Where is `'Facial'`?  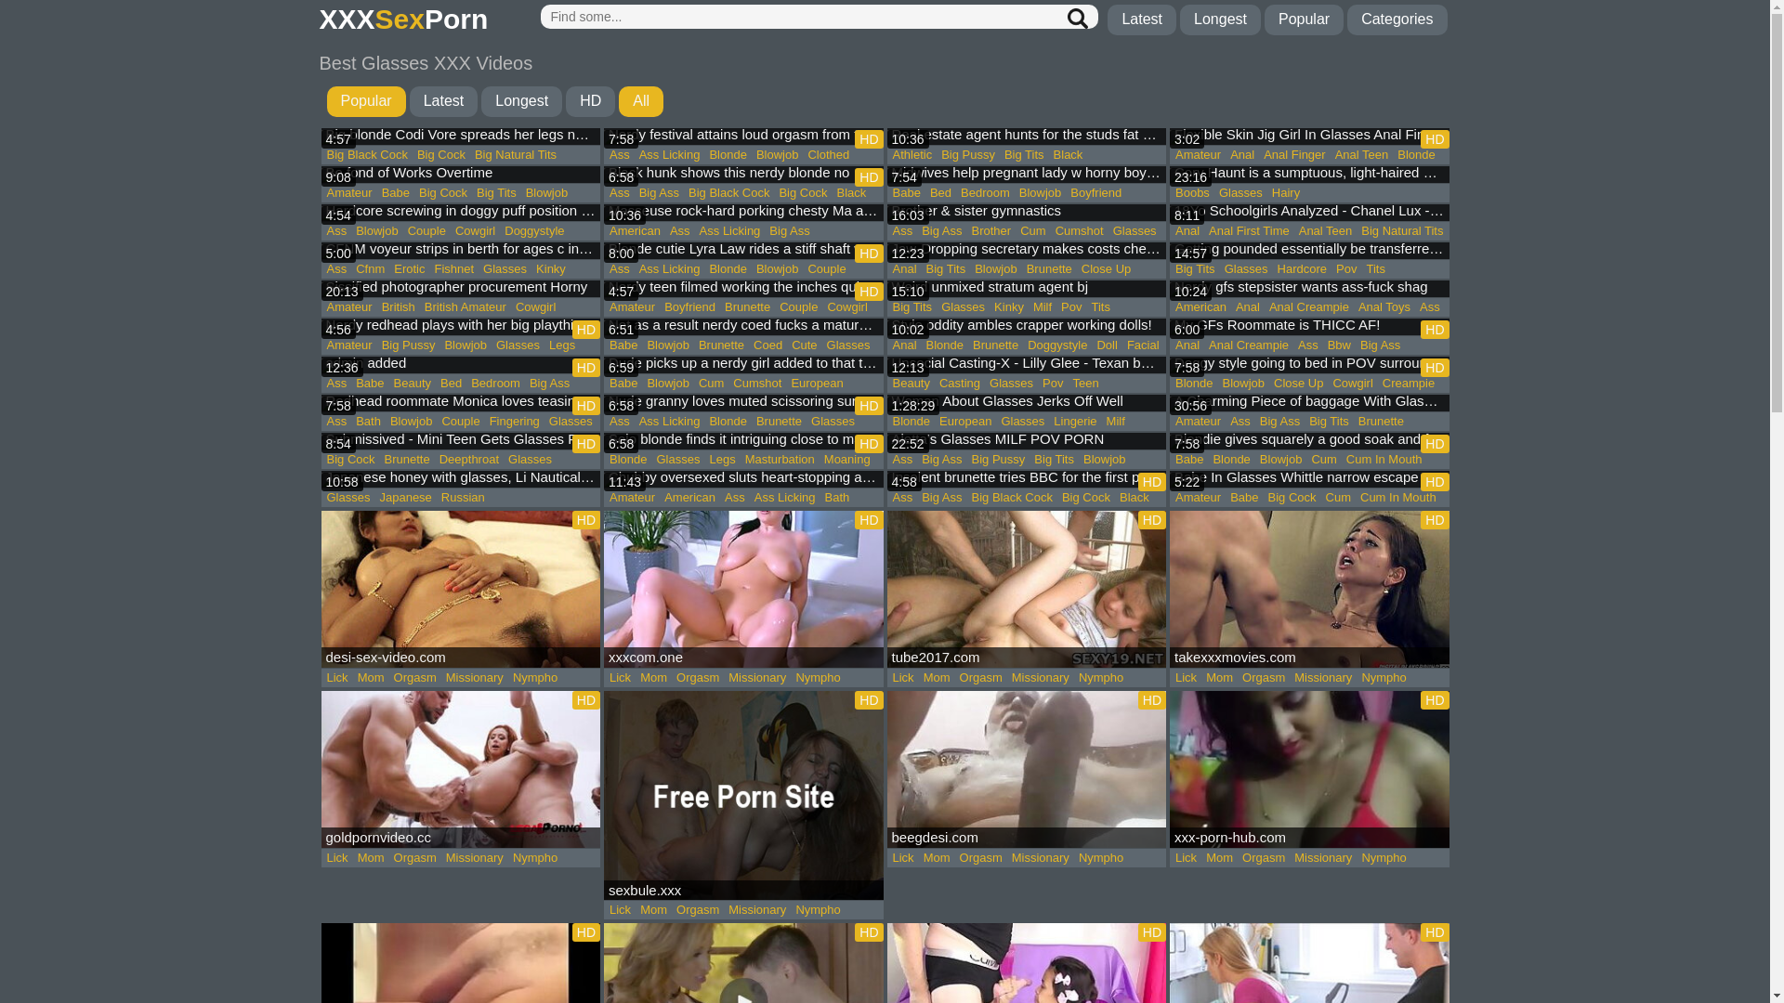
'Facial' is located at coordinates (1142, 345).